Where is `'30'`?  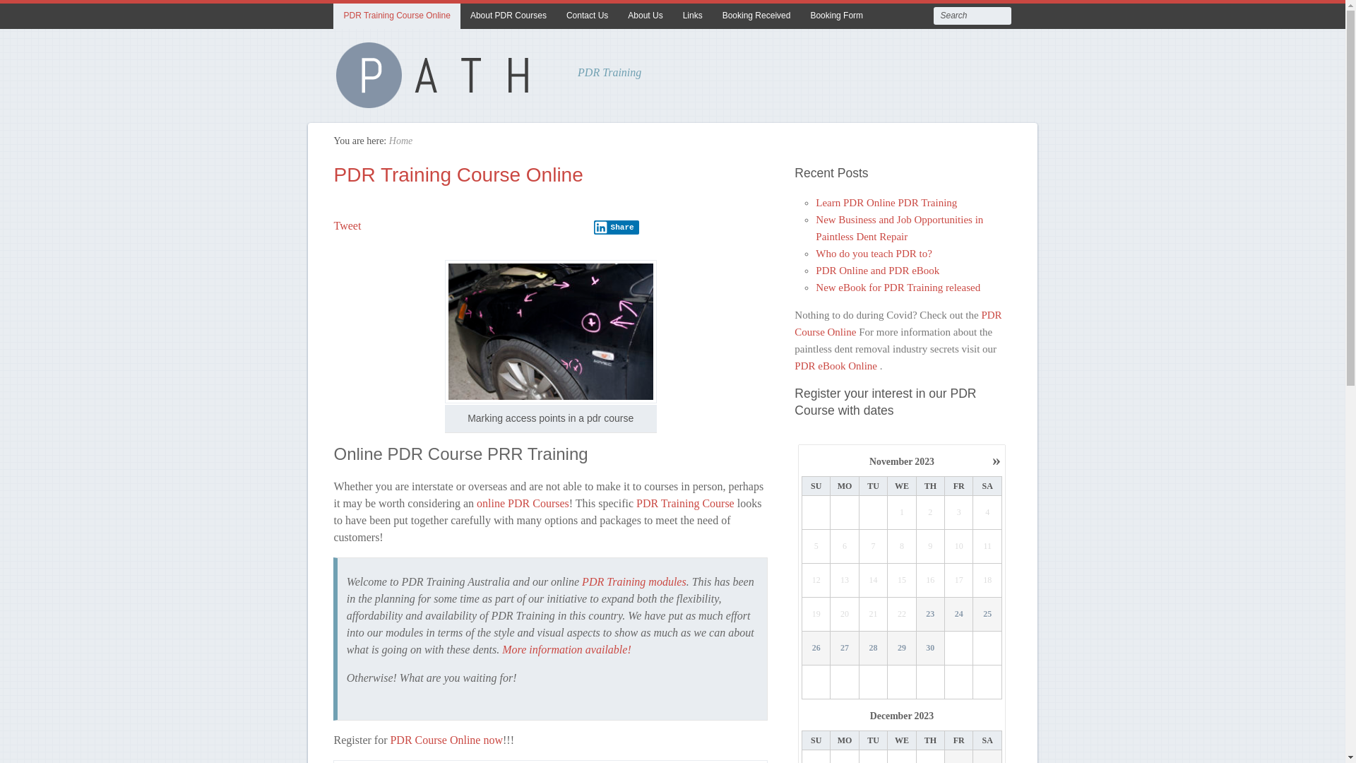 '30' is located at coordinates (930, 648).